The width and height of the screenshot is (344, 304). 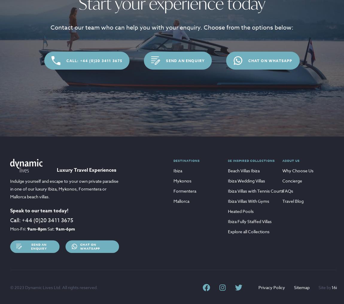 I want to click on 'Indulge yourself and escape to your own private paradise in one of our luxury Ibiza, Mykonos, Formentera or Mallorca beach villas.', so click(x=64, y=188).